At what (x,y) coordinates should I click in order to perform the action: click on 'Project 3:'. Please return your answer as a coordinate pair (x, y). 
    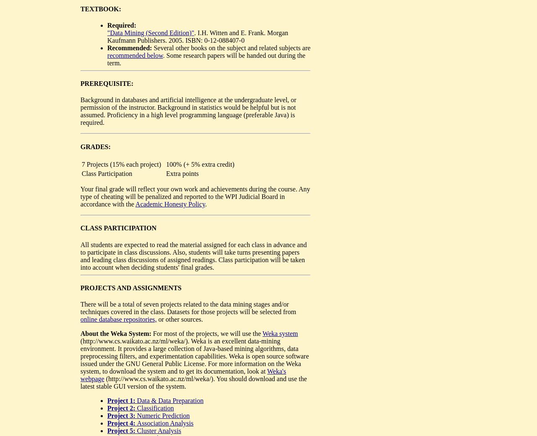
    Looking at the image, I should click on (121, 415).